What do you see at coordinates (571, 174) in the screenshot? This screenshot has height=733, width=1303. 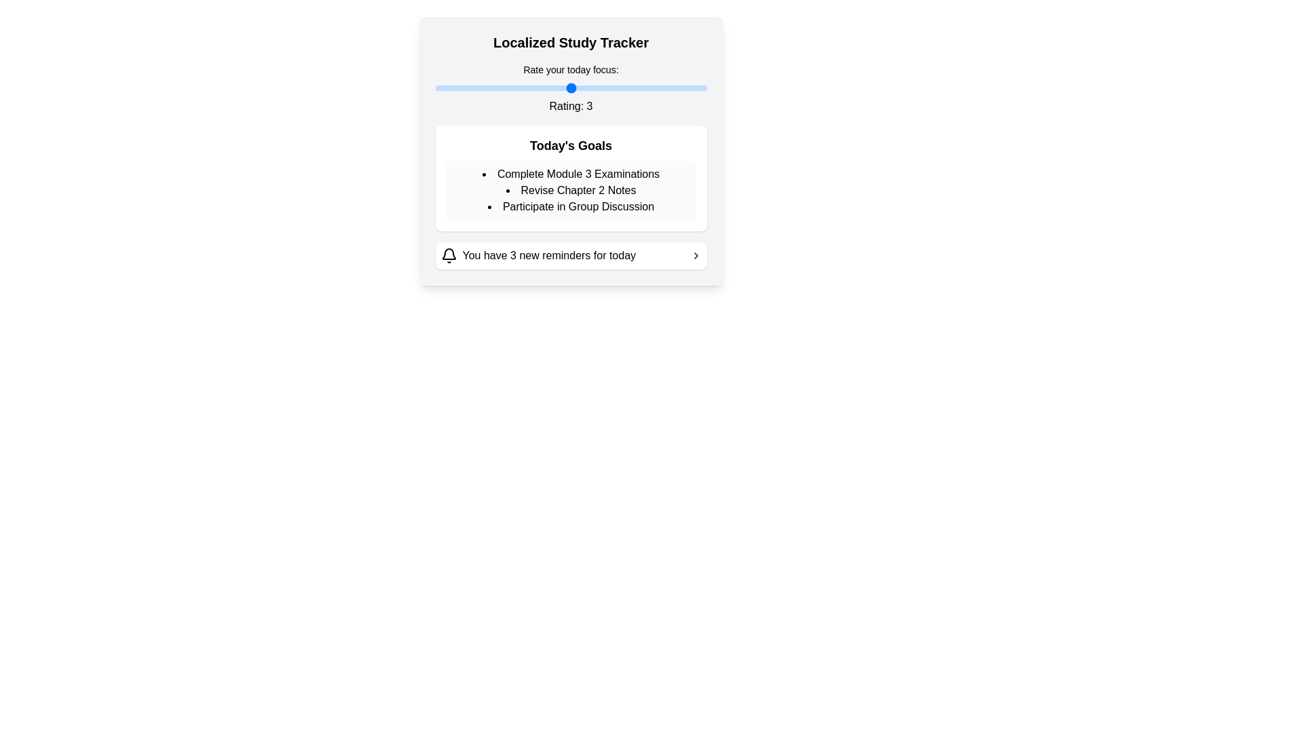 I see `the text element styled as a bullet point with the text 'Complete Module 3 Examinations' located under the heading 'Today's Goals.'` at bounding box center [571, 174].